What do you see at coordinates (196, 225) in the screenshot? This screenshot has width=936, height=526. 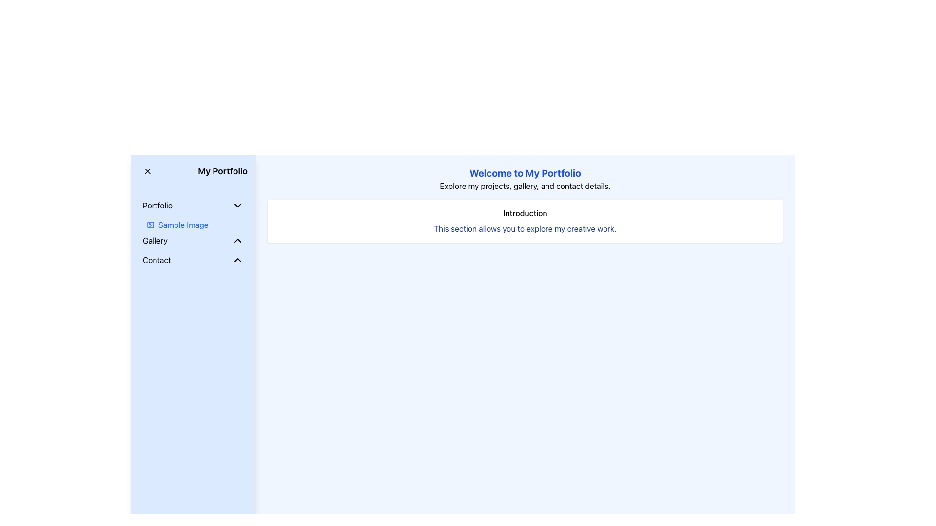 I see `the first navigation link with an icon located in the sidebar panel under the 'Portfolio' dropdown` at bounding box center [196, 225].